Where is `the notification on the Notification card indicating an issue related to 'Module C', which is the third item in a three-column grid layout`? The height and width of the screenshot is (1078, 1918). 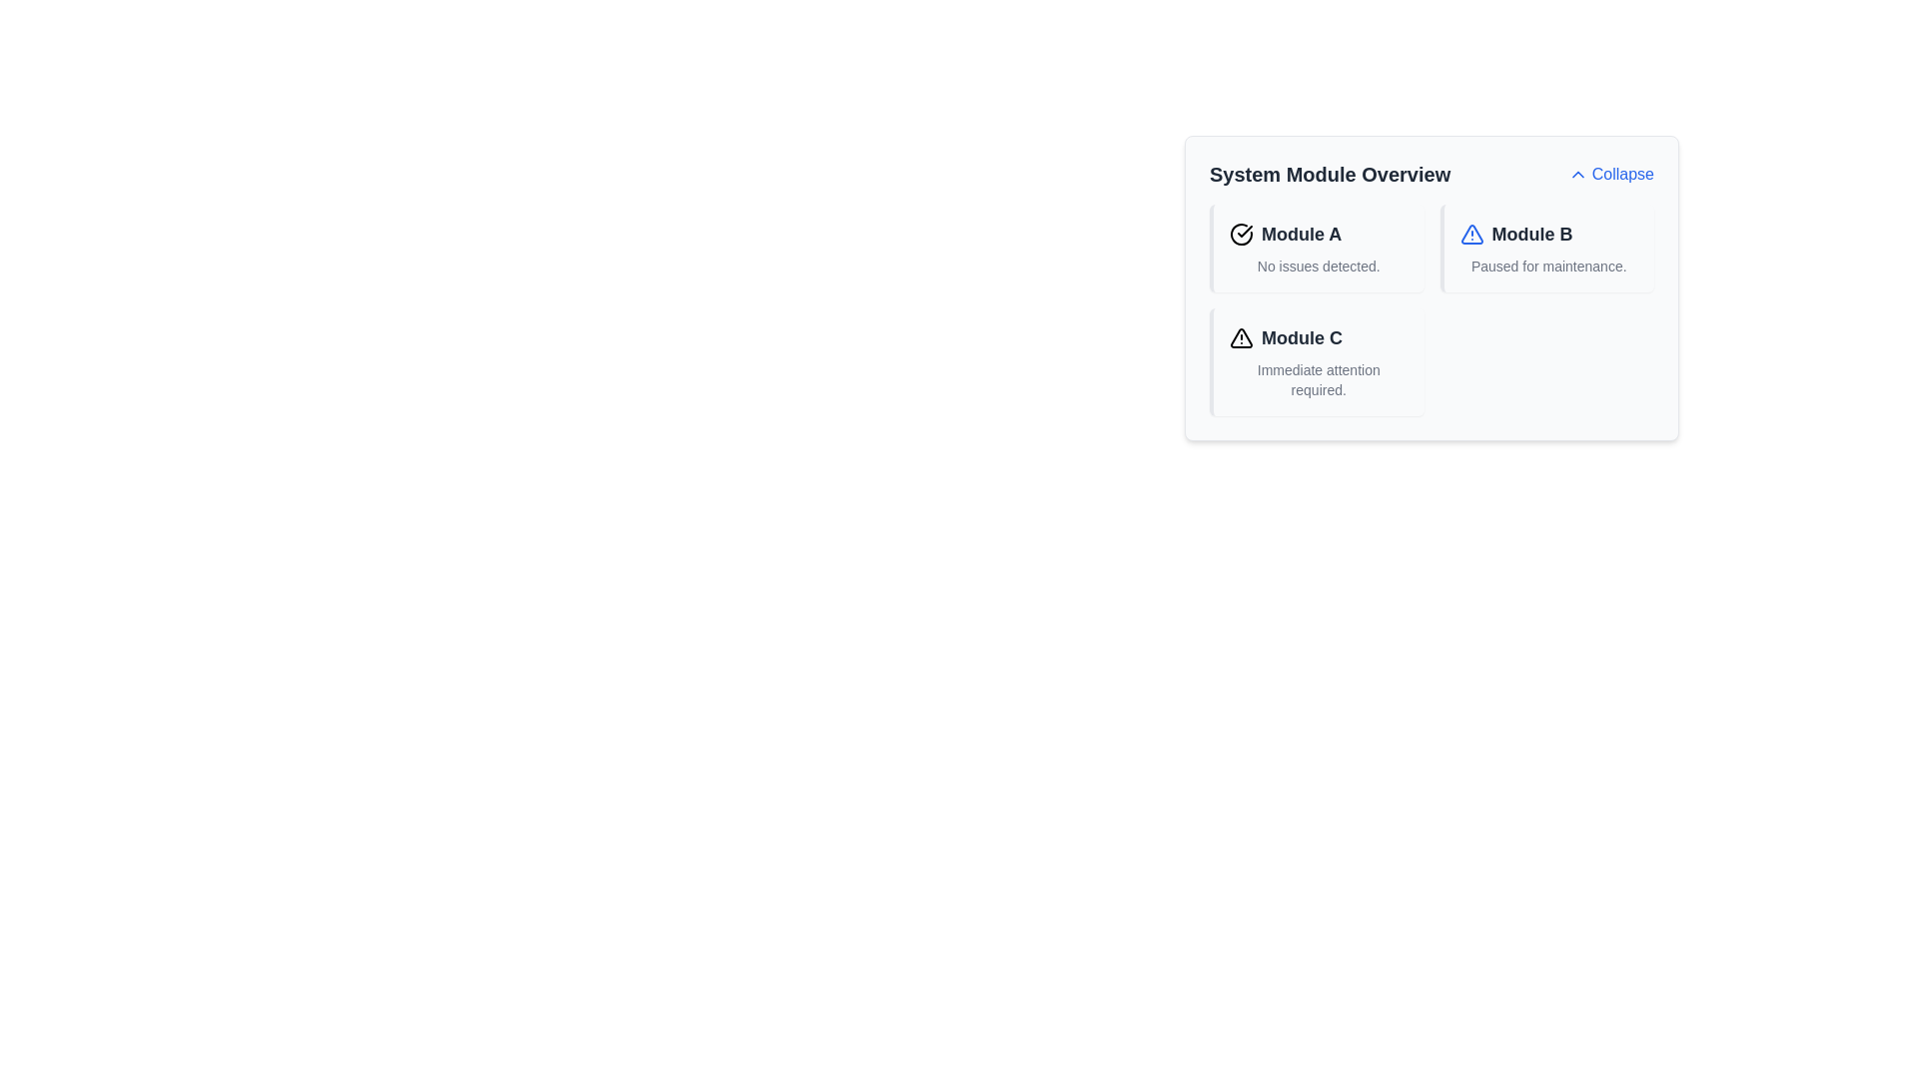
the notification on the Notification card indicating an issue related to 'Module C', which is the third item in a three-column grid layout is located at coordinates (1317, 361).